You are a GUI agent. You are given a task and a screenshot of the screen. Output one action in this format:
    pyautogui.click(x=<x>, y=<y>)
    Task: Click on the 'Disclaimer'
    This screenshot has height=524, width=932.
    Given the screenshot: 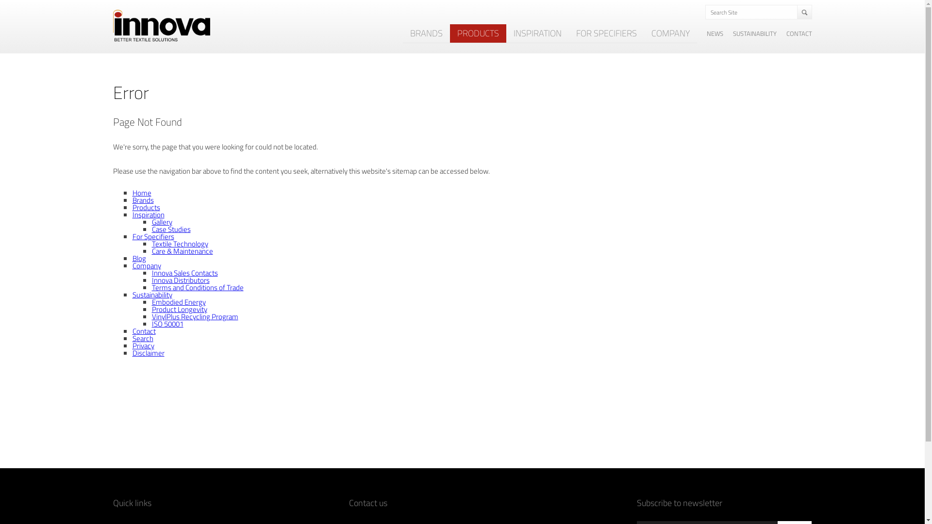 What is the action you would take?
    pyautogui.click(x=148, y=353)
    